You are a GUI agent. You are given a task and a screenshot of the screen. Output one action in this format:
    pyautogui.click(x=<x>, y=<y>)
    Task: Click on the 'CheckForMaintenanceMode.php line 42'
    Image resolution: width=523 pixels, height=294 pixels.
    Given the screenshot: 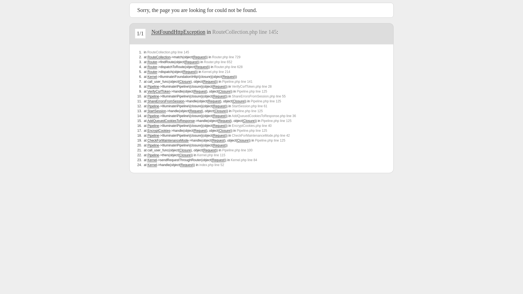 What is the action you would take?
    pyautogui.click(x=260, y=135)
    